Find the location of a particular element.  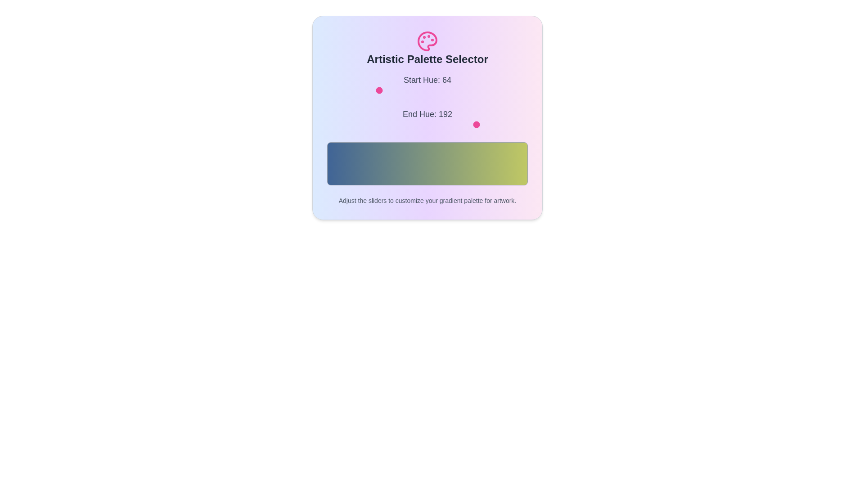

the 'End Hue' slider to 212 is located at coordinates (493, 125).